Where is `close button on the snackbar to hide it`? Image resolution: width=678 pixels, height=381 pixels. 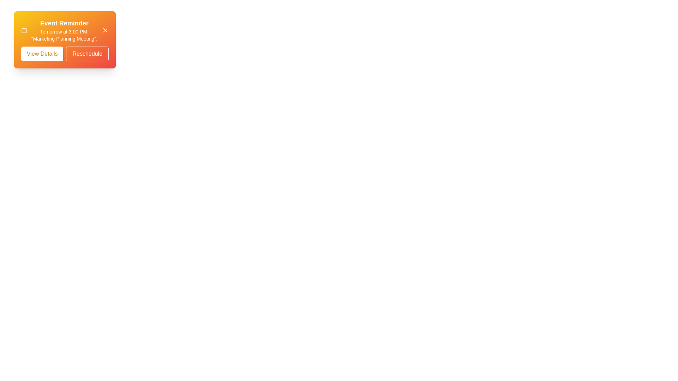 close button on the snackbar to hide it is located at coordinates (105, 30).